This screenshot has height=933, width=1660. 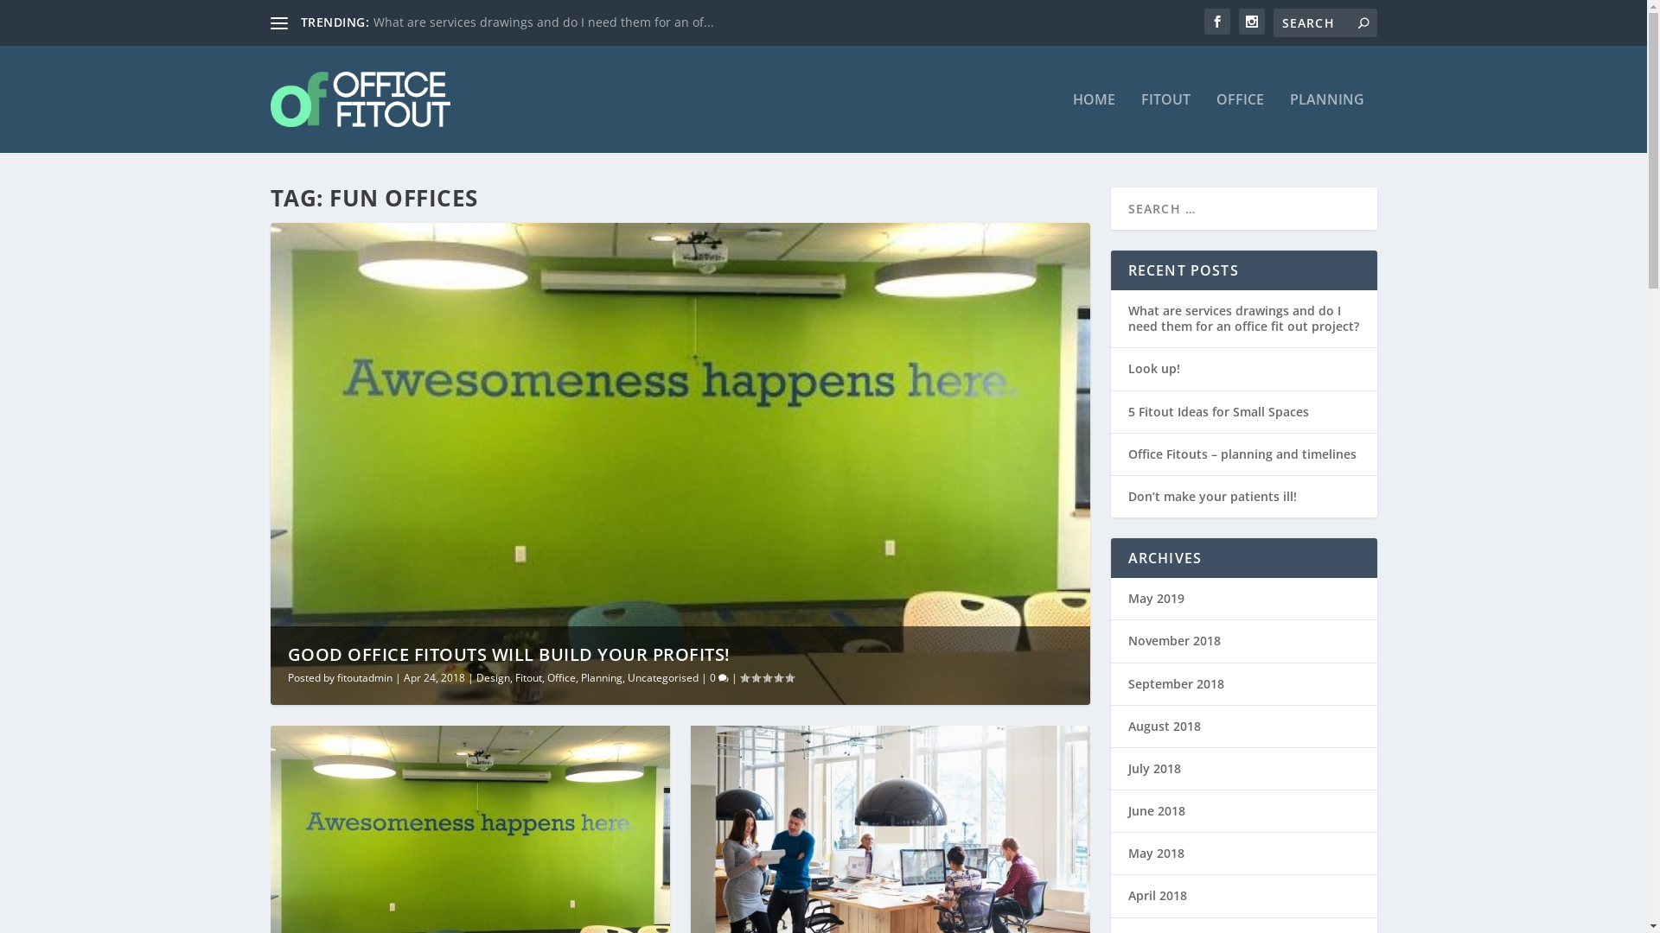 What do you see at coordinates (766, 676) in the screenshot?
I see `'Rating: 0.00'` at bounding box center [766, 676].